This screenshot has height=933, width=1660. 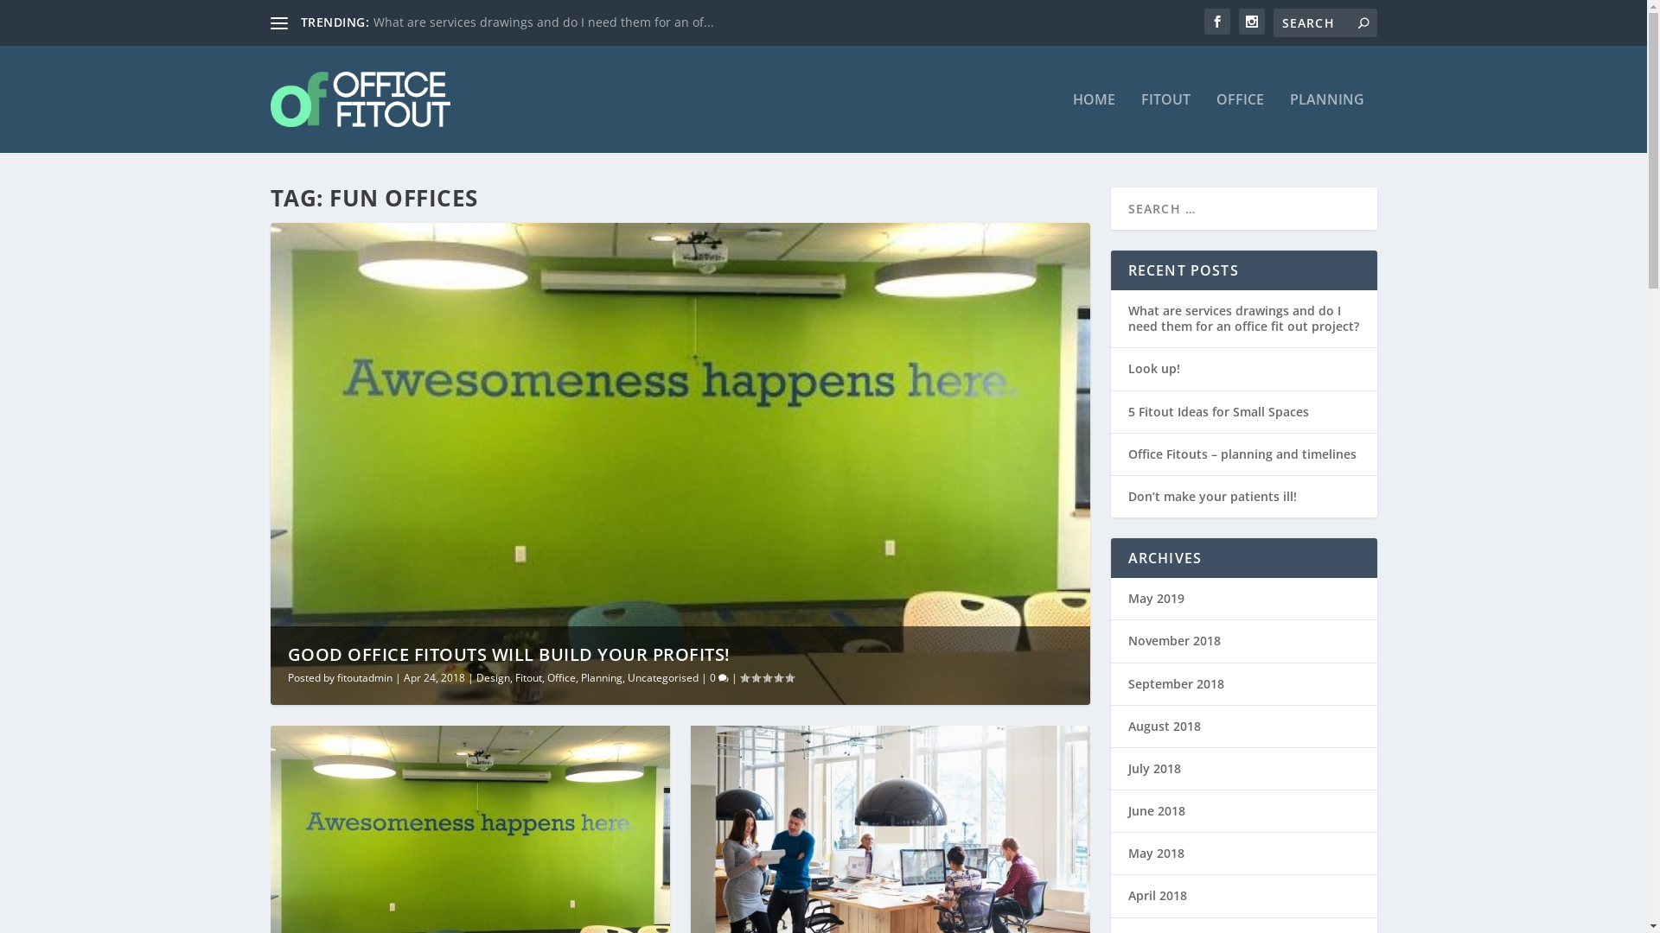 What do you see at coordinates (766, 676) in the screenshot?
I see `'Rating: 0.00'` at bounding box center [766, 676].